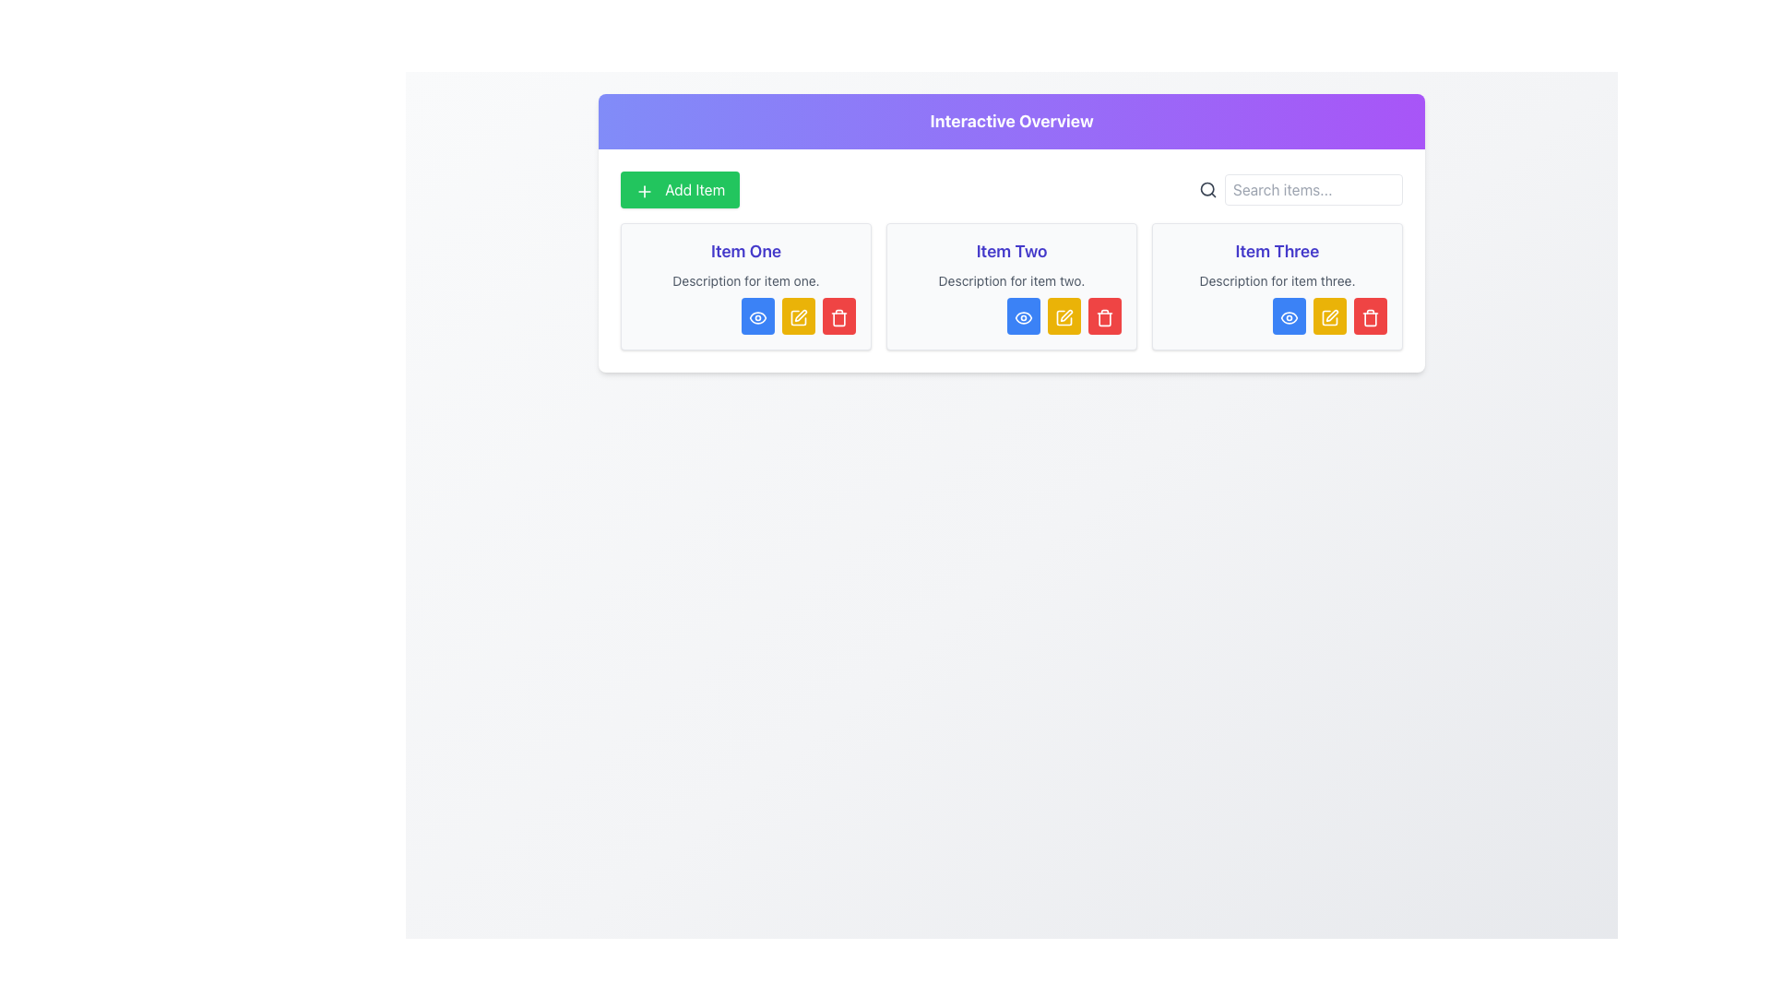  Describe the element at coordinates (679, 189) in the screenshot. I see `the 'Add New Item' button located in the upper-left region of the interface` at that location.